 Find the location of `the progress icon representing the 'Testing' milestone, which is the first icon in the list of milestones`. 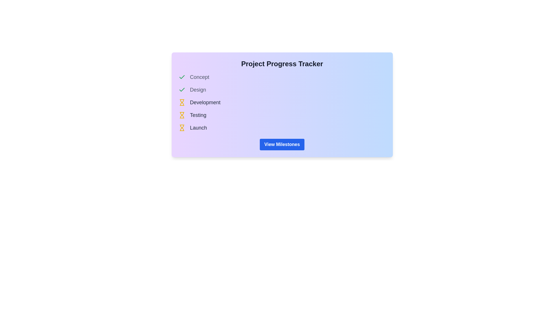

the progress icon representing the 'Testing' milestone, which is the first icon in the list of milestones is located at coordinates (181, 115).